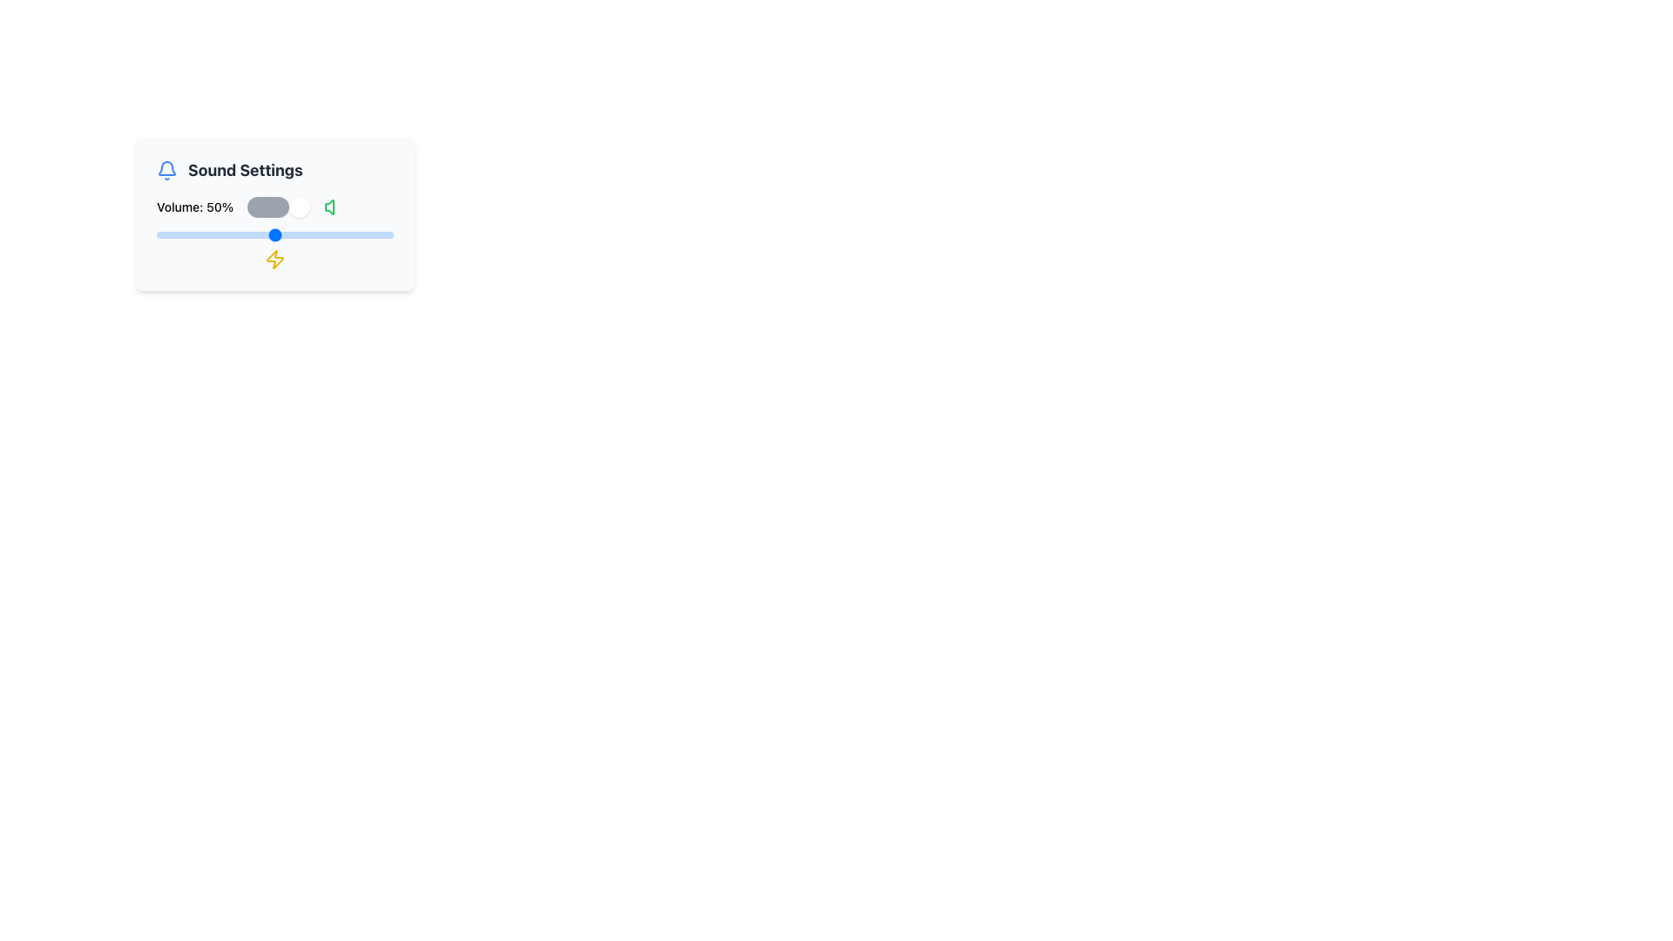  What do you see at coordinates (329, 206) in the screenshot?
I see `the volume icon component to adjust audio settings within the Sound Settings interface, located to the right of the 'Volume: 50%' text and beside the toggle switch` at bounding box center [329, 206].